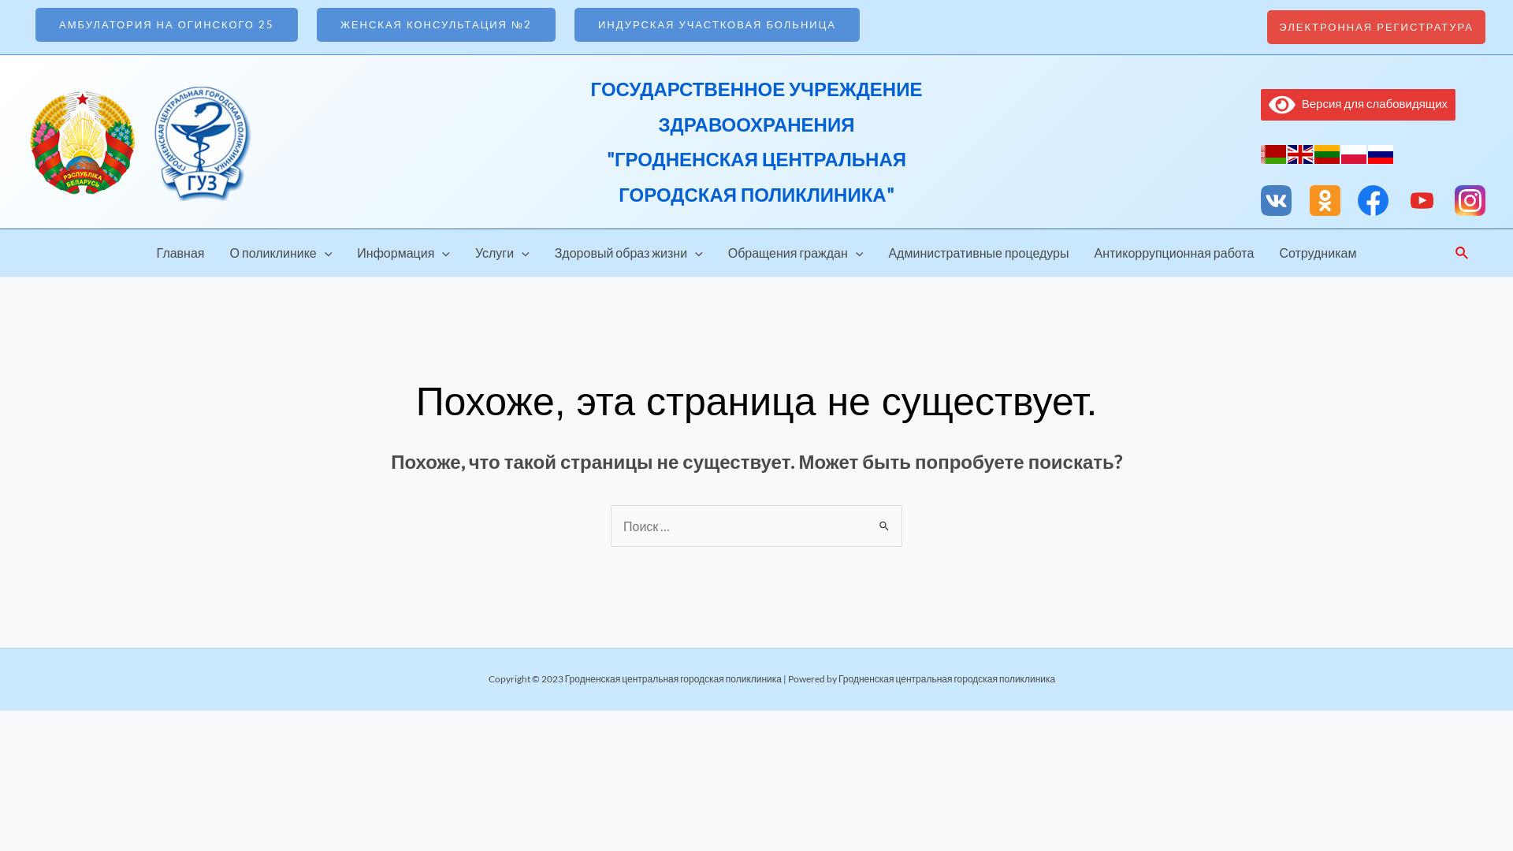 The width and height of the screenshot is (1513, 851). I want to click on 'English', so click(1287, 152).